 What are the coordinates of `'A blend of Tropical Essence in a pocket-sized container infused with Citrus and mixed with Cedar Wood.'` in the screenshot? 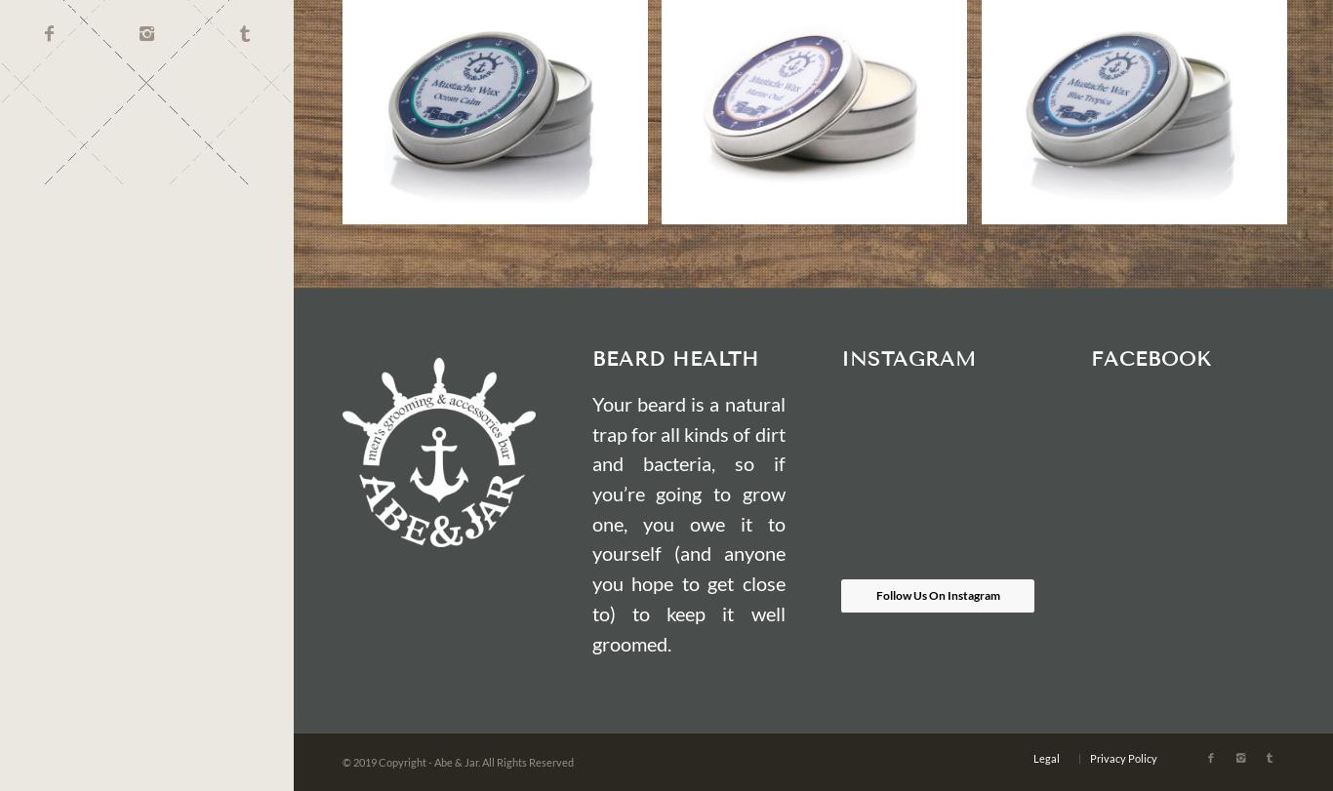 It's located at (1133, 131).